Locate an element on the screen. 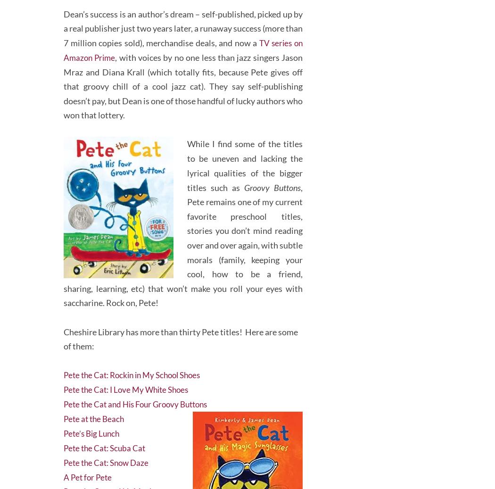 This screenshot has width=495, height=489. 'While I find some of the titles to be uneven and lacking the lyrical qualities of the bigger titles such as' is located at coordinates (244, 160).